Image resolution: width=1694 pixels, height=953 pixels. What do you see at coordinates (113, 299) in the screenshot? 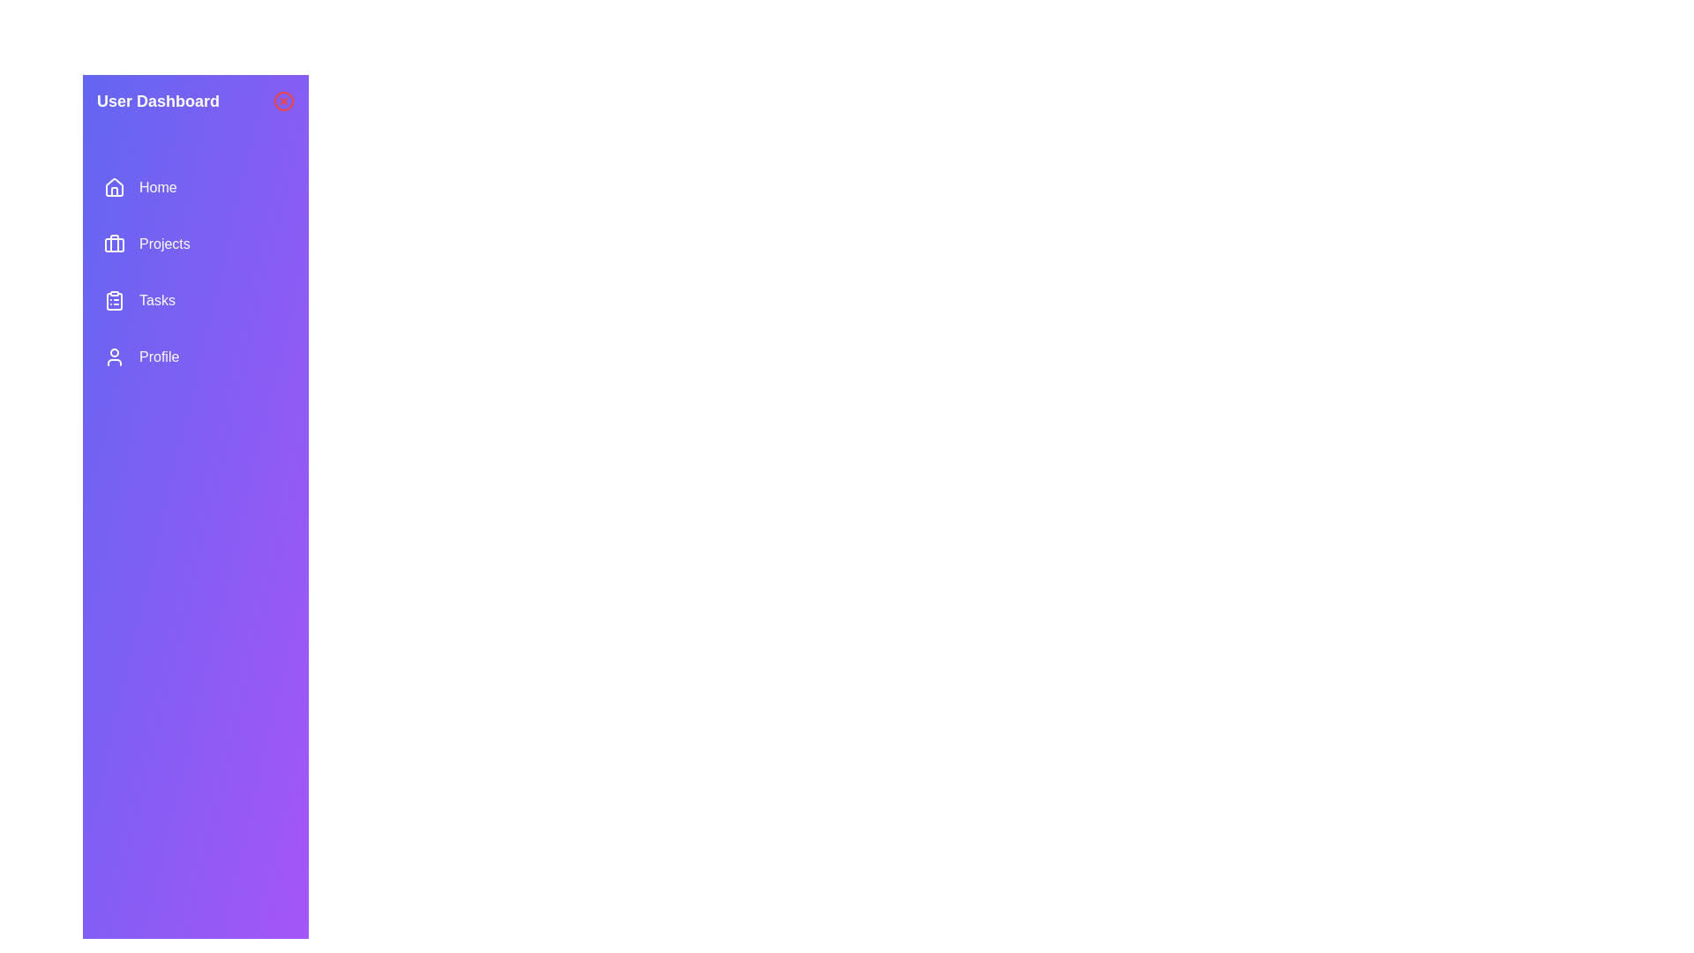
I see `the icon representing the 'Tasks' section in the navigation menu` at bounding box center [113, 299].